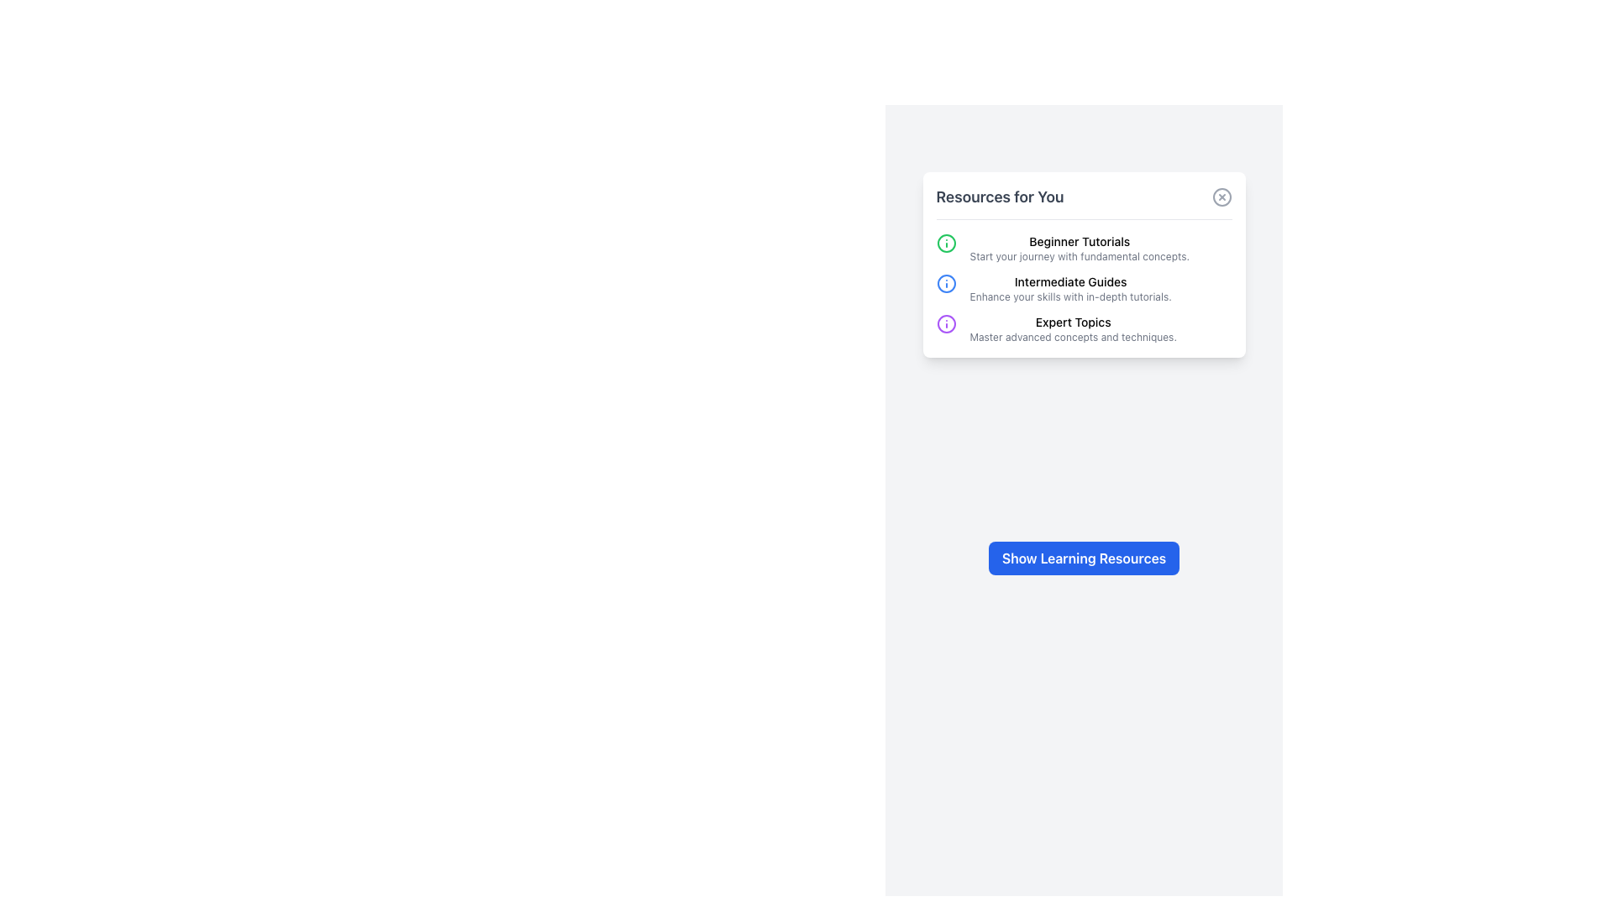 Image resolution: width=1613 pixels, height=907 pixels. Describe the element at coordinates (1069, 296) in the screenshot. I see `the text element that provides a brief description or tagline associated with the 'Intermediate Guides' resource category, located in the middle section of the card labeled 'Resources for You'` at that location.